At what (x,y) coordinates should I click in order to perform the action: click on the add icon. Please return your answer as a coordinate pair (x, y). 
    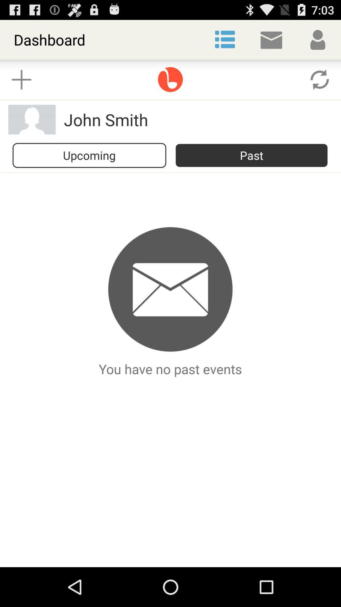
    Looking at the image, I should click on (21, 85).